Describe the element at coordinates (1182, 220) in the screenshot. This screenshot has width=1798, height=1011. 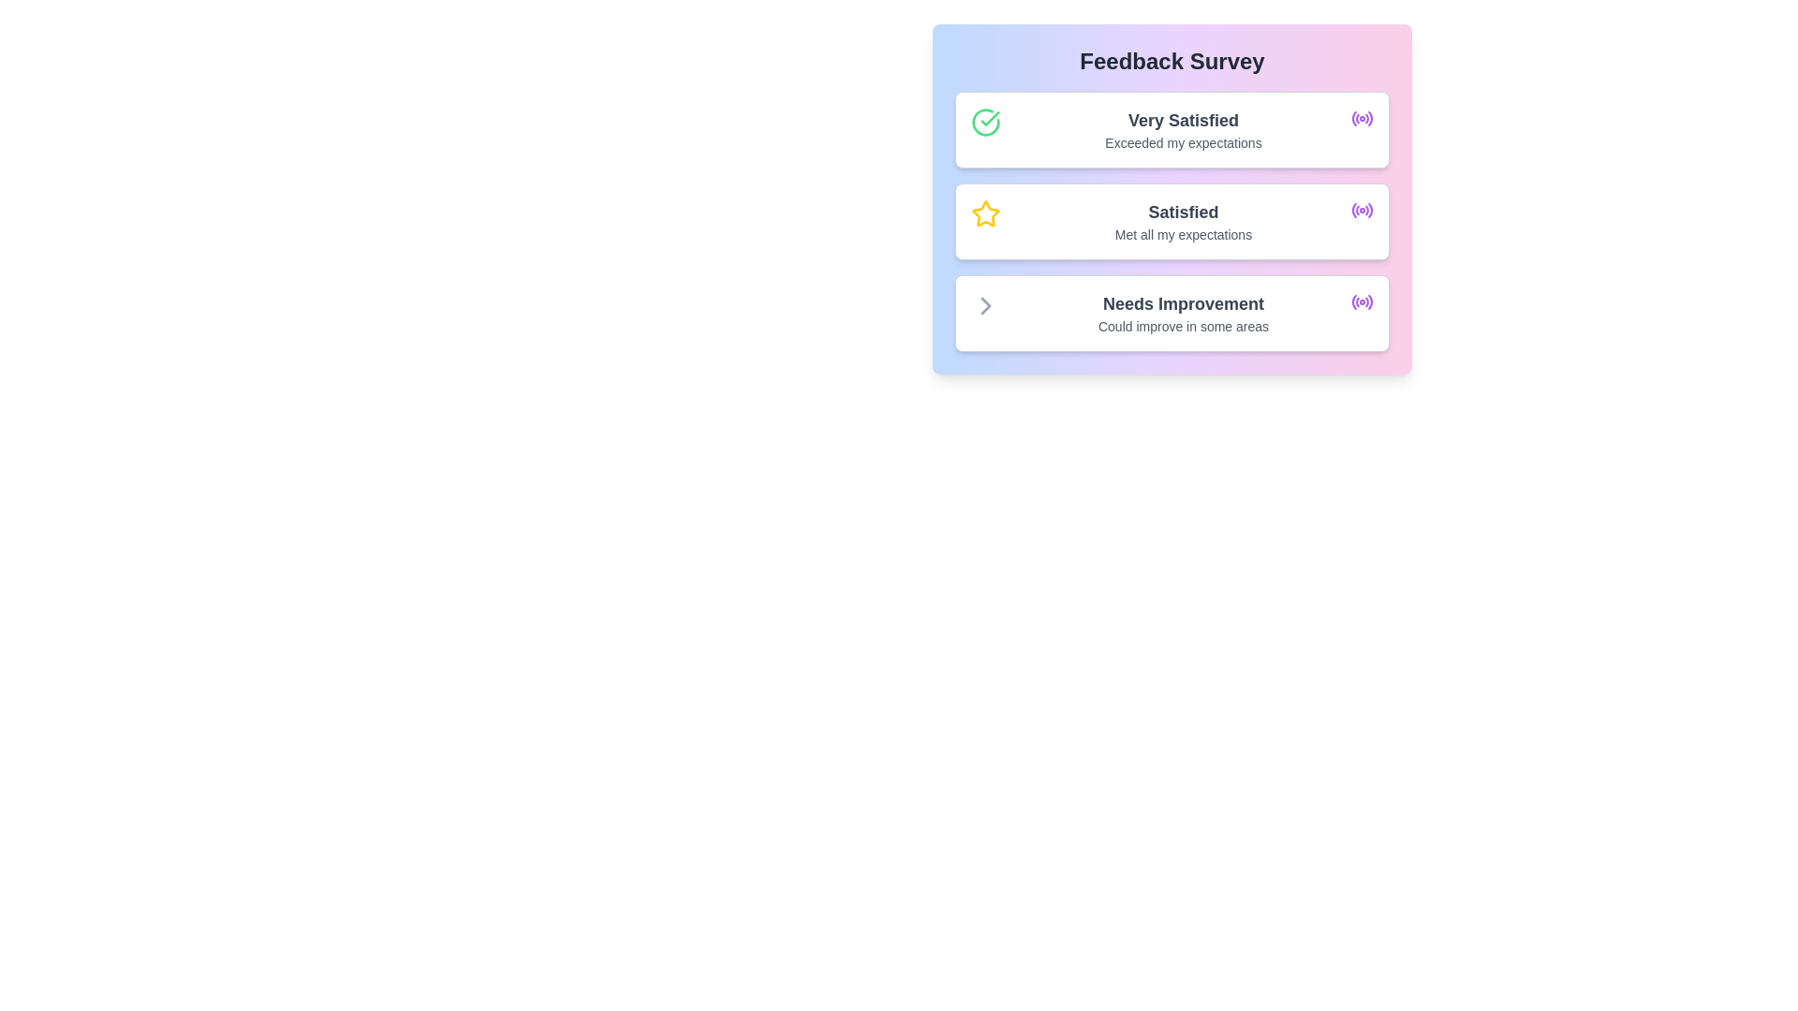
I see `the second feedback choice in the survey interface, which is located below the 'Very Satisfied' option and above the 'Needs Improvement' option` at that location.